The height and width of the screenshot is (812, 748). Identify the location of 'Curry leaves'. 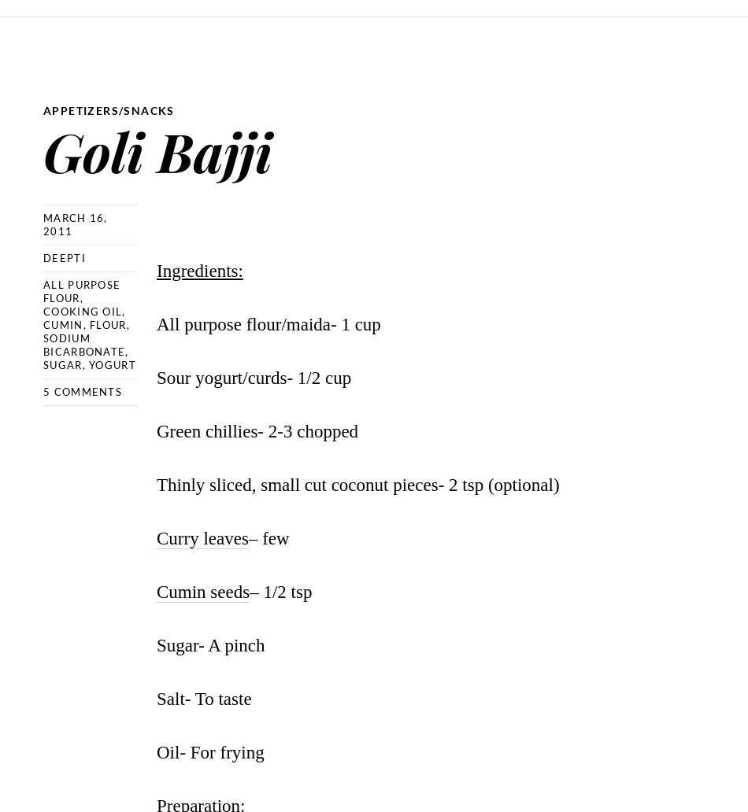
(201, 537).